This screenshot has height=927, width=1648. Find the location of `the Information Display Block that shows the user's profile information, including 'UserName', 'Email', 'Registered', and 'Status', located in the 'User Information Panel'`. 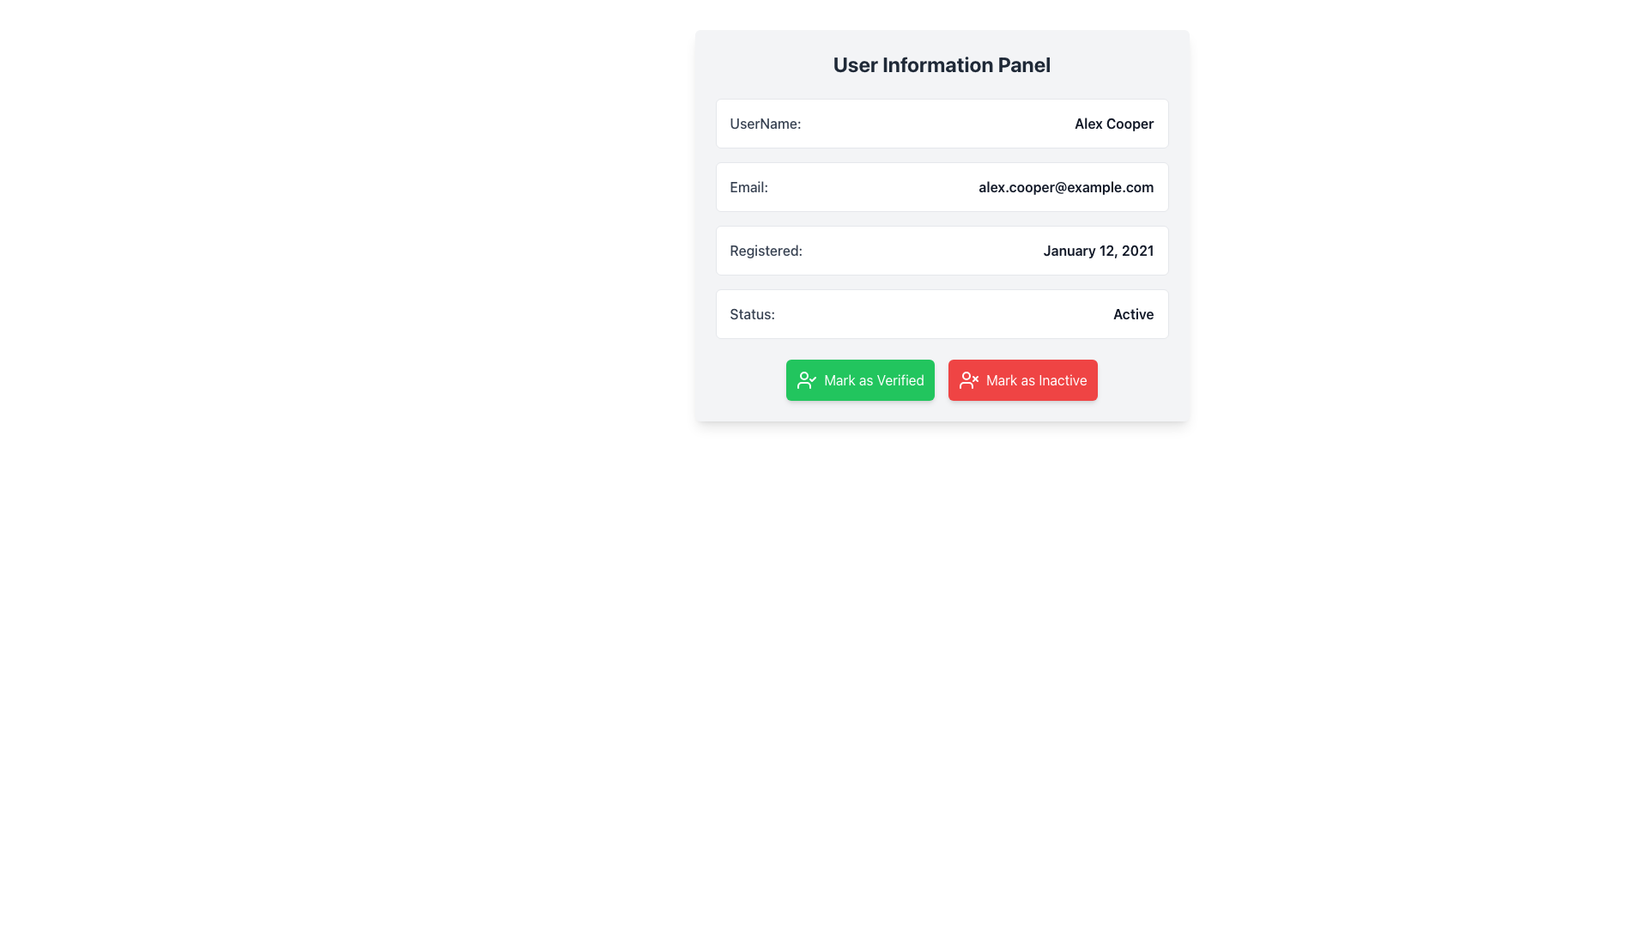

the Information Display Block that shows the user's profile information, including 'UserName', 'Email', 'Registered', and 'Status', located in the 'User Information Panel' is located at coordinates (941, 217).